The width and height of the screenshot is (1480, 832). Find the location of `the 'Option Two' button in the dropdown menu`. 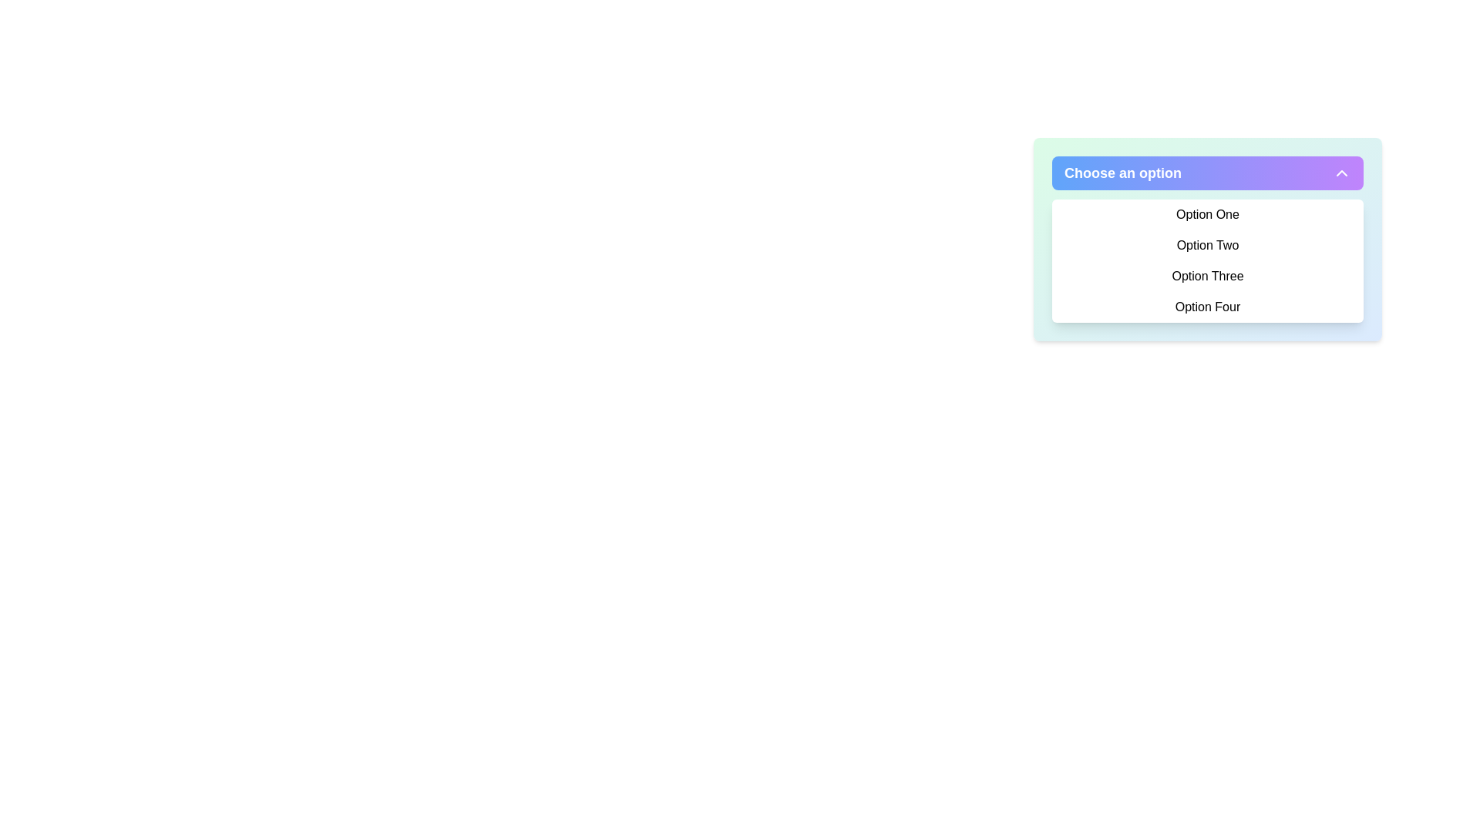

the 'Option Two' button in the dropdown menu is located at coordinates (1206, 245).